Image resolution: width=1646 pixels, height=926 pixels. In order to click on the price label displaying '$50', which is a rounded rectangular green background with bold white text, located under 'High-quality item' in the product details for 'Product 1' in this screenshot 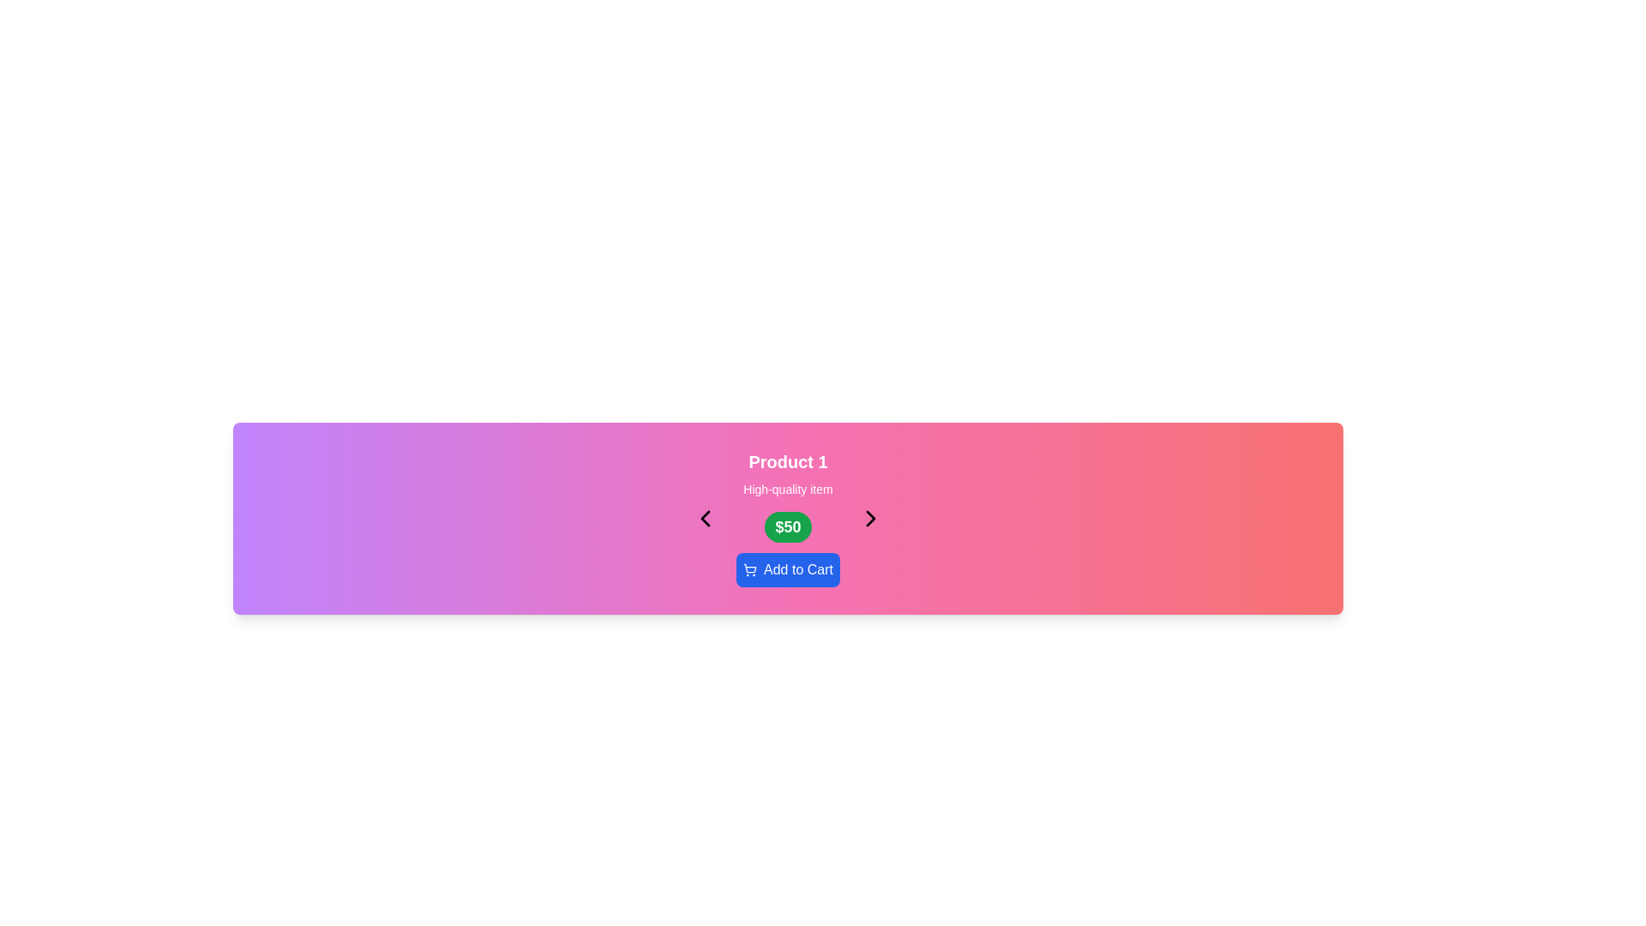, I will do `click(787, 526)`.